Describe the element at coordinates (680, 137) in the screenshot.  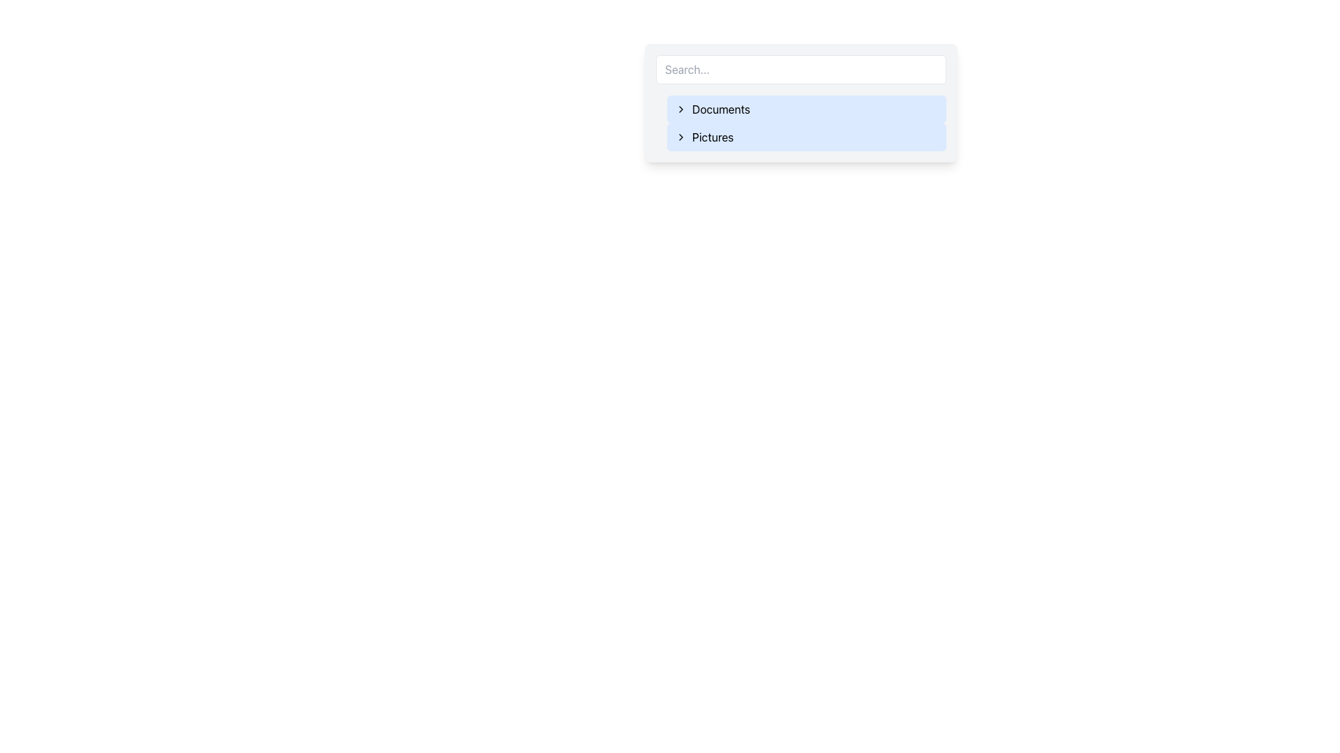
I see `the arrow icon located immediately to the left of the 'Pictures' label` at that location.